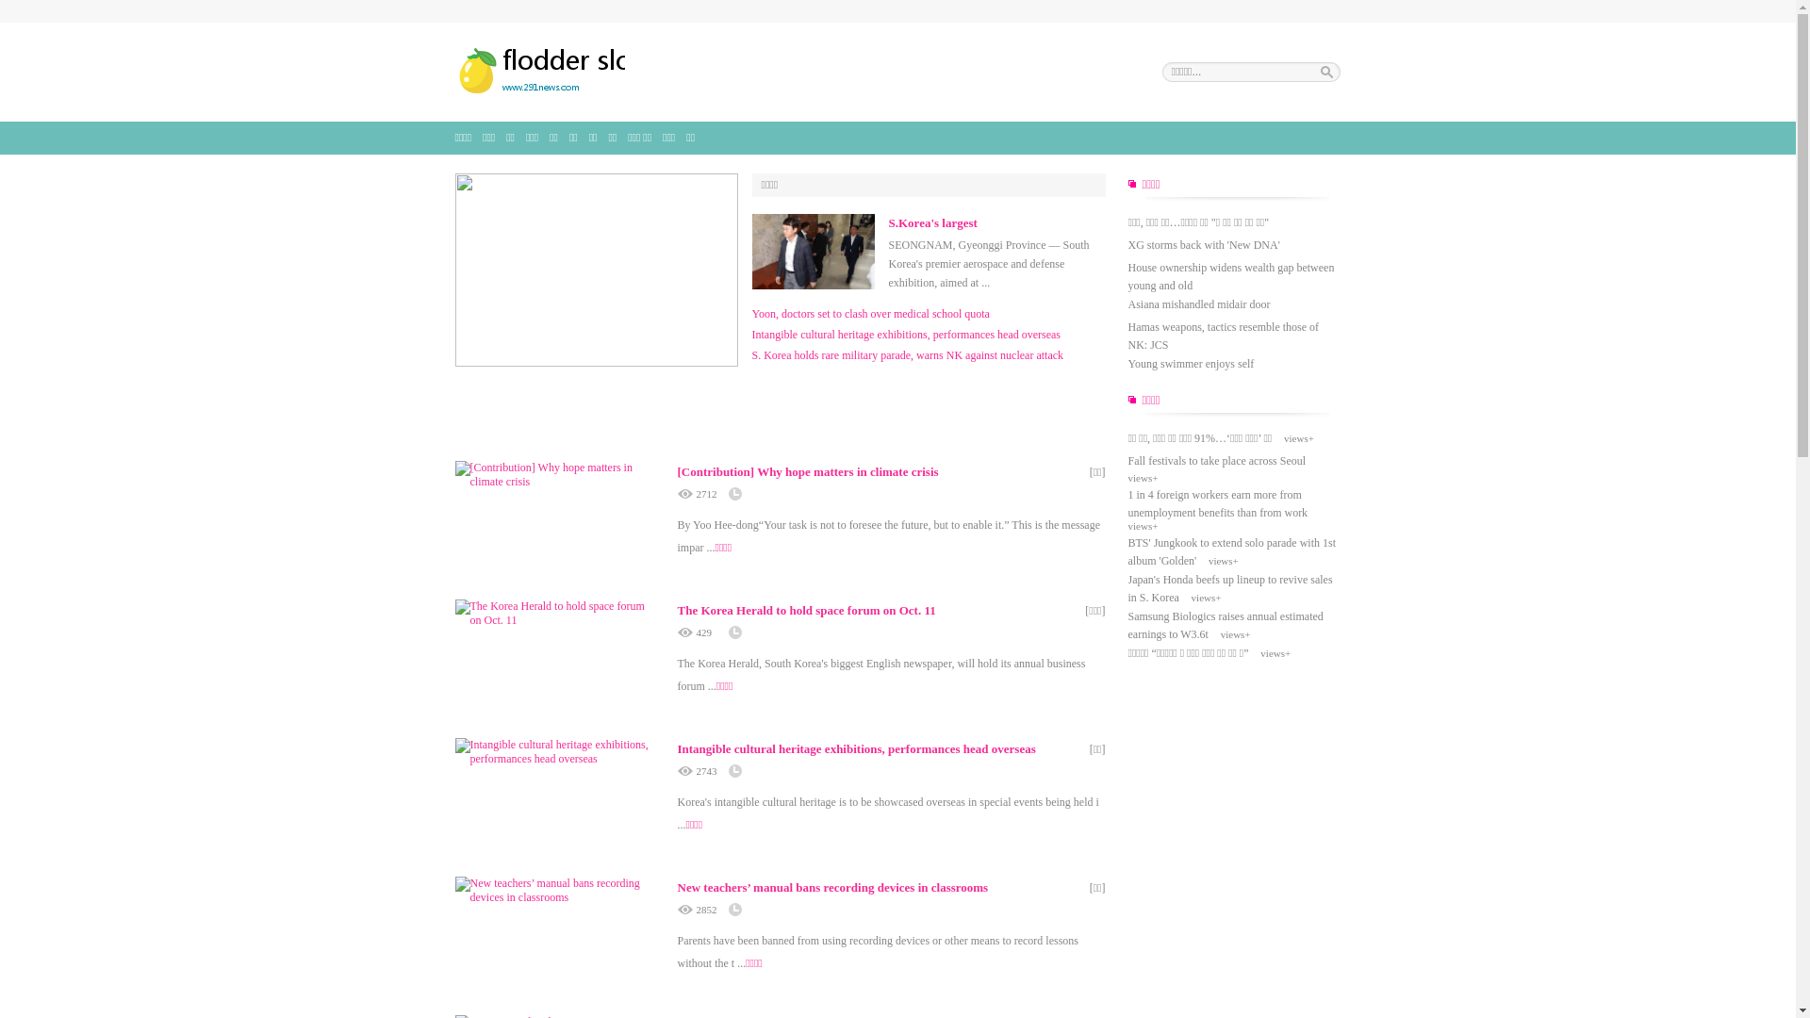 Image resolution: width=1810 pixels, height=1018 pixels. What do you see at coordinates (886, 222) in the screenshot?
I see `'S.Korea's largest'` at bounding box center [886, 222].